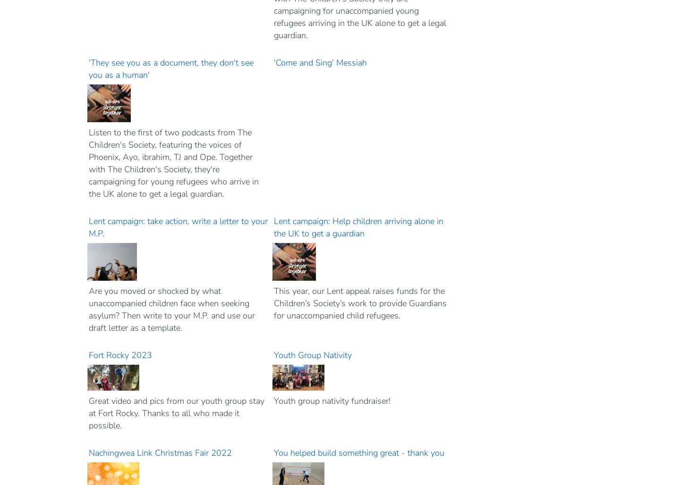 Image resolution: width=680 pixels, height=485 pixels. I want to click on 'Fort Rocky 2023', so click(121, 355).